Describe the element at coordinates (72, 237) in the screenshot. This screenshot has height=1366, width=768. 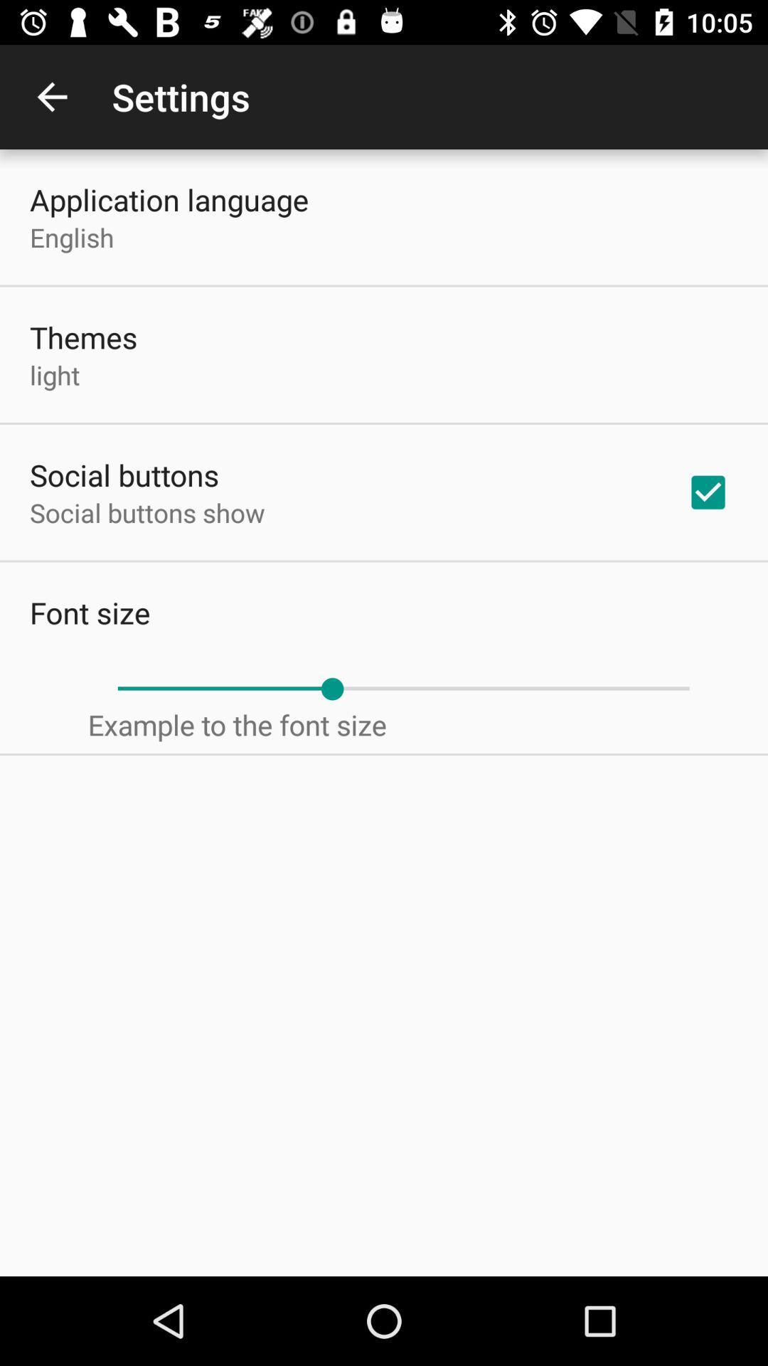
I see `the icon below application language item` at that location.